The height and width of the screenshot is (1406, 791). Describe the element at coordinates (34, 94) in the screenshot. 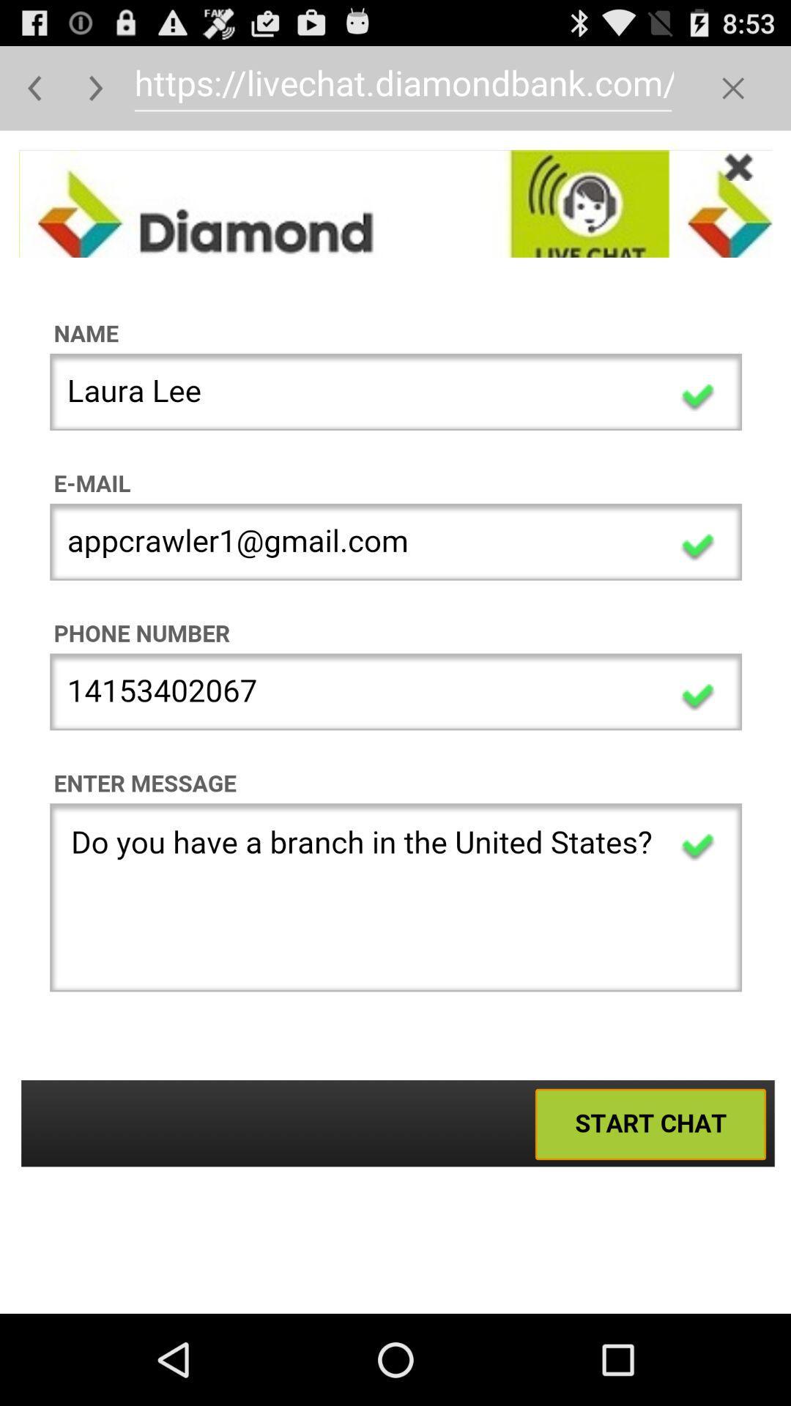

I see `the arrow_backward icon` at that location.